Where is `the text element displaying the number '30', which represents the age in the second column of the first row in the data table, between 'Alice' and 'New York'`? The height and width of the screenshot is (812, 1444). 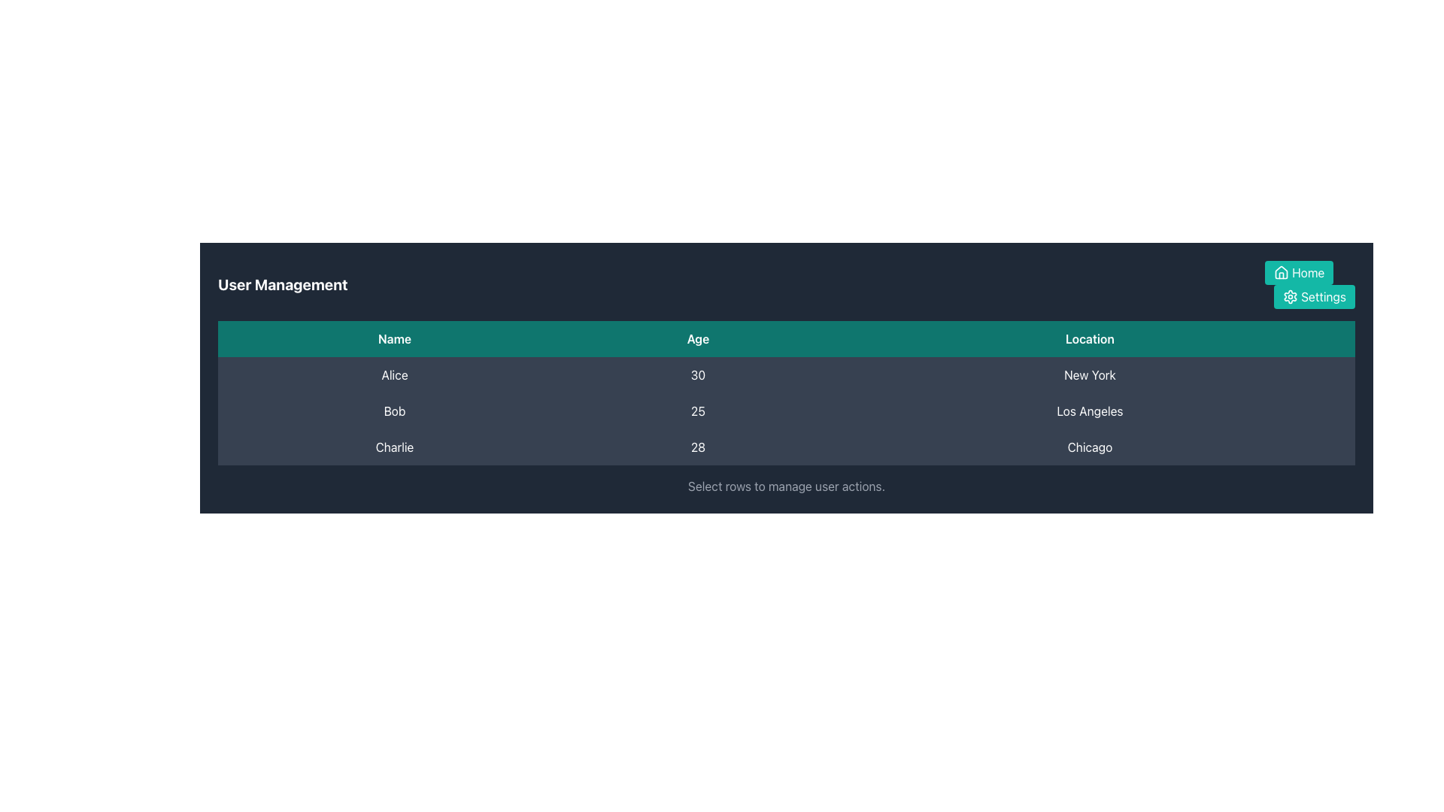 the text element displaying the number '30', which represents the age in the second column of the first row in the data table, between 'Alice' and 'New York' is located at coordinates (697, 374).